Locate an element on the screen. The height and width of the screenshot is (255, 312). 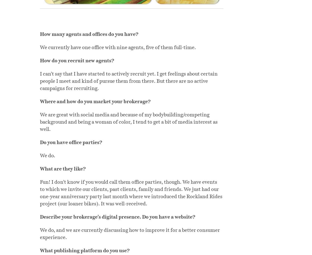
'Do you have office parties?' is located at coordinates (71, 142).